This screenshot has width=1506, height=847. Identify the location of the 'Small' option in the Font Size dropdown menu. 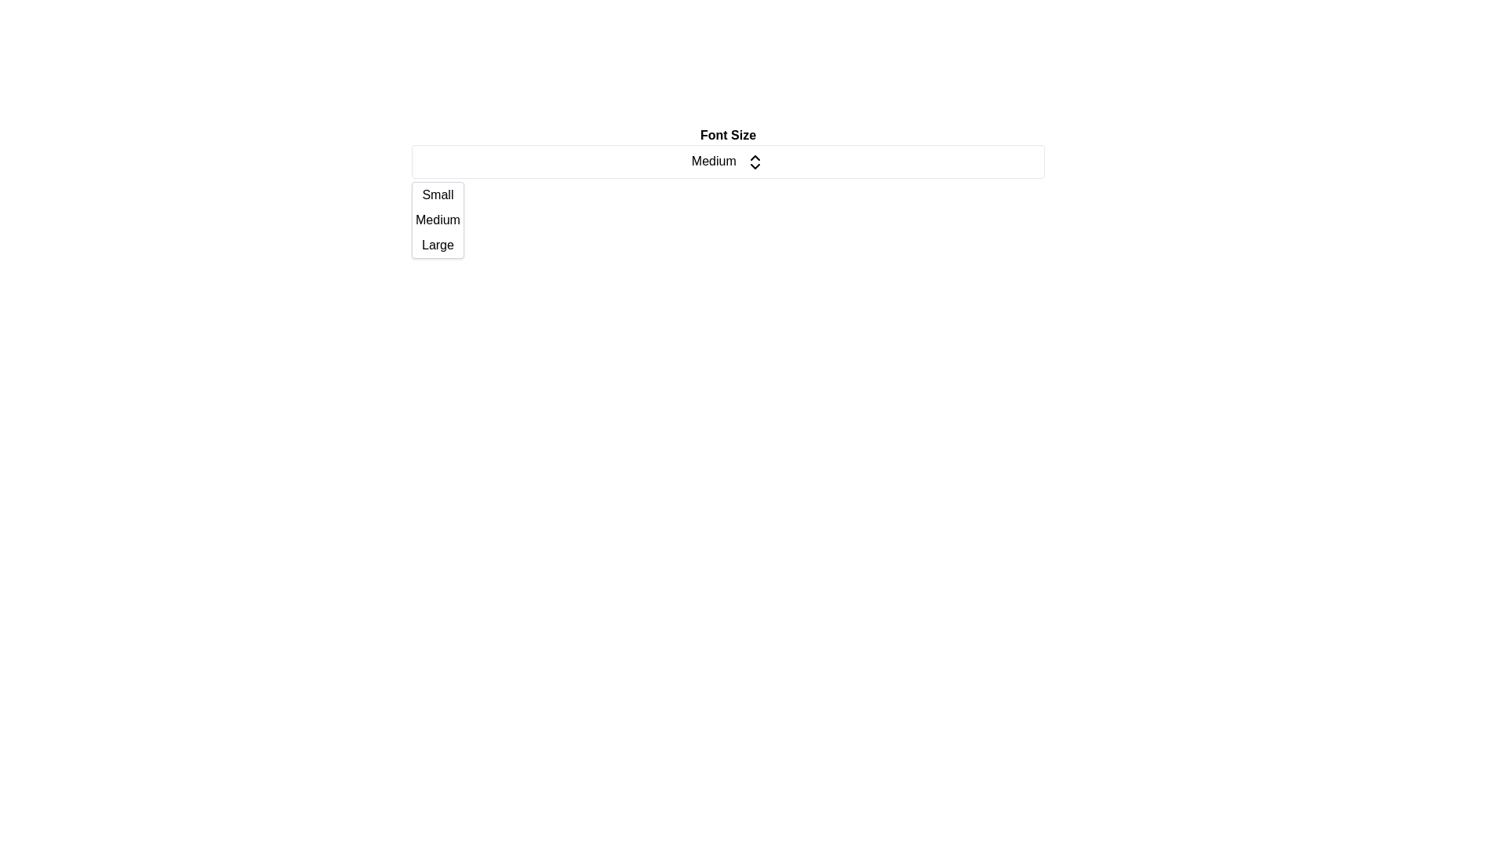
(438, 194).